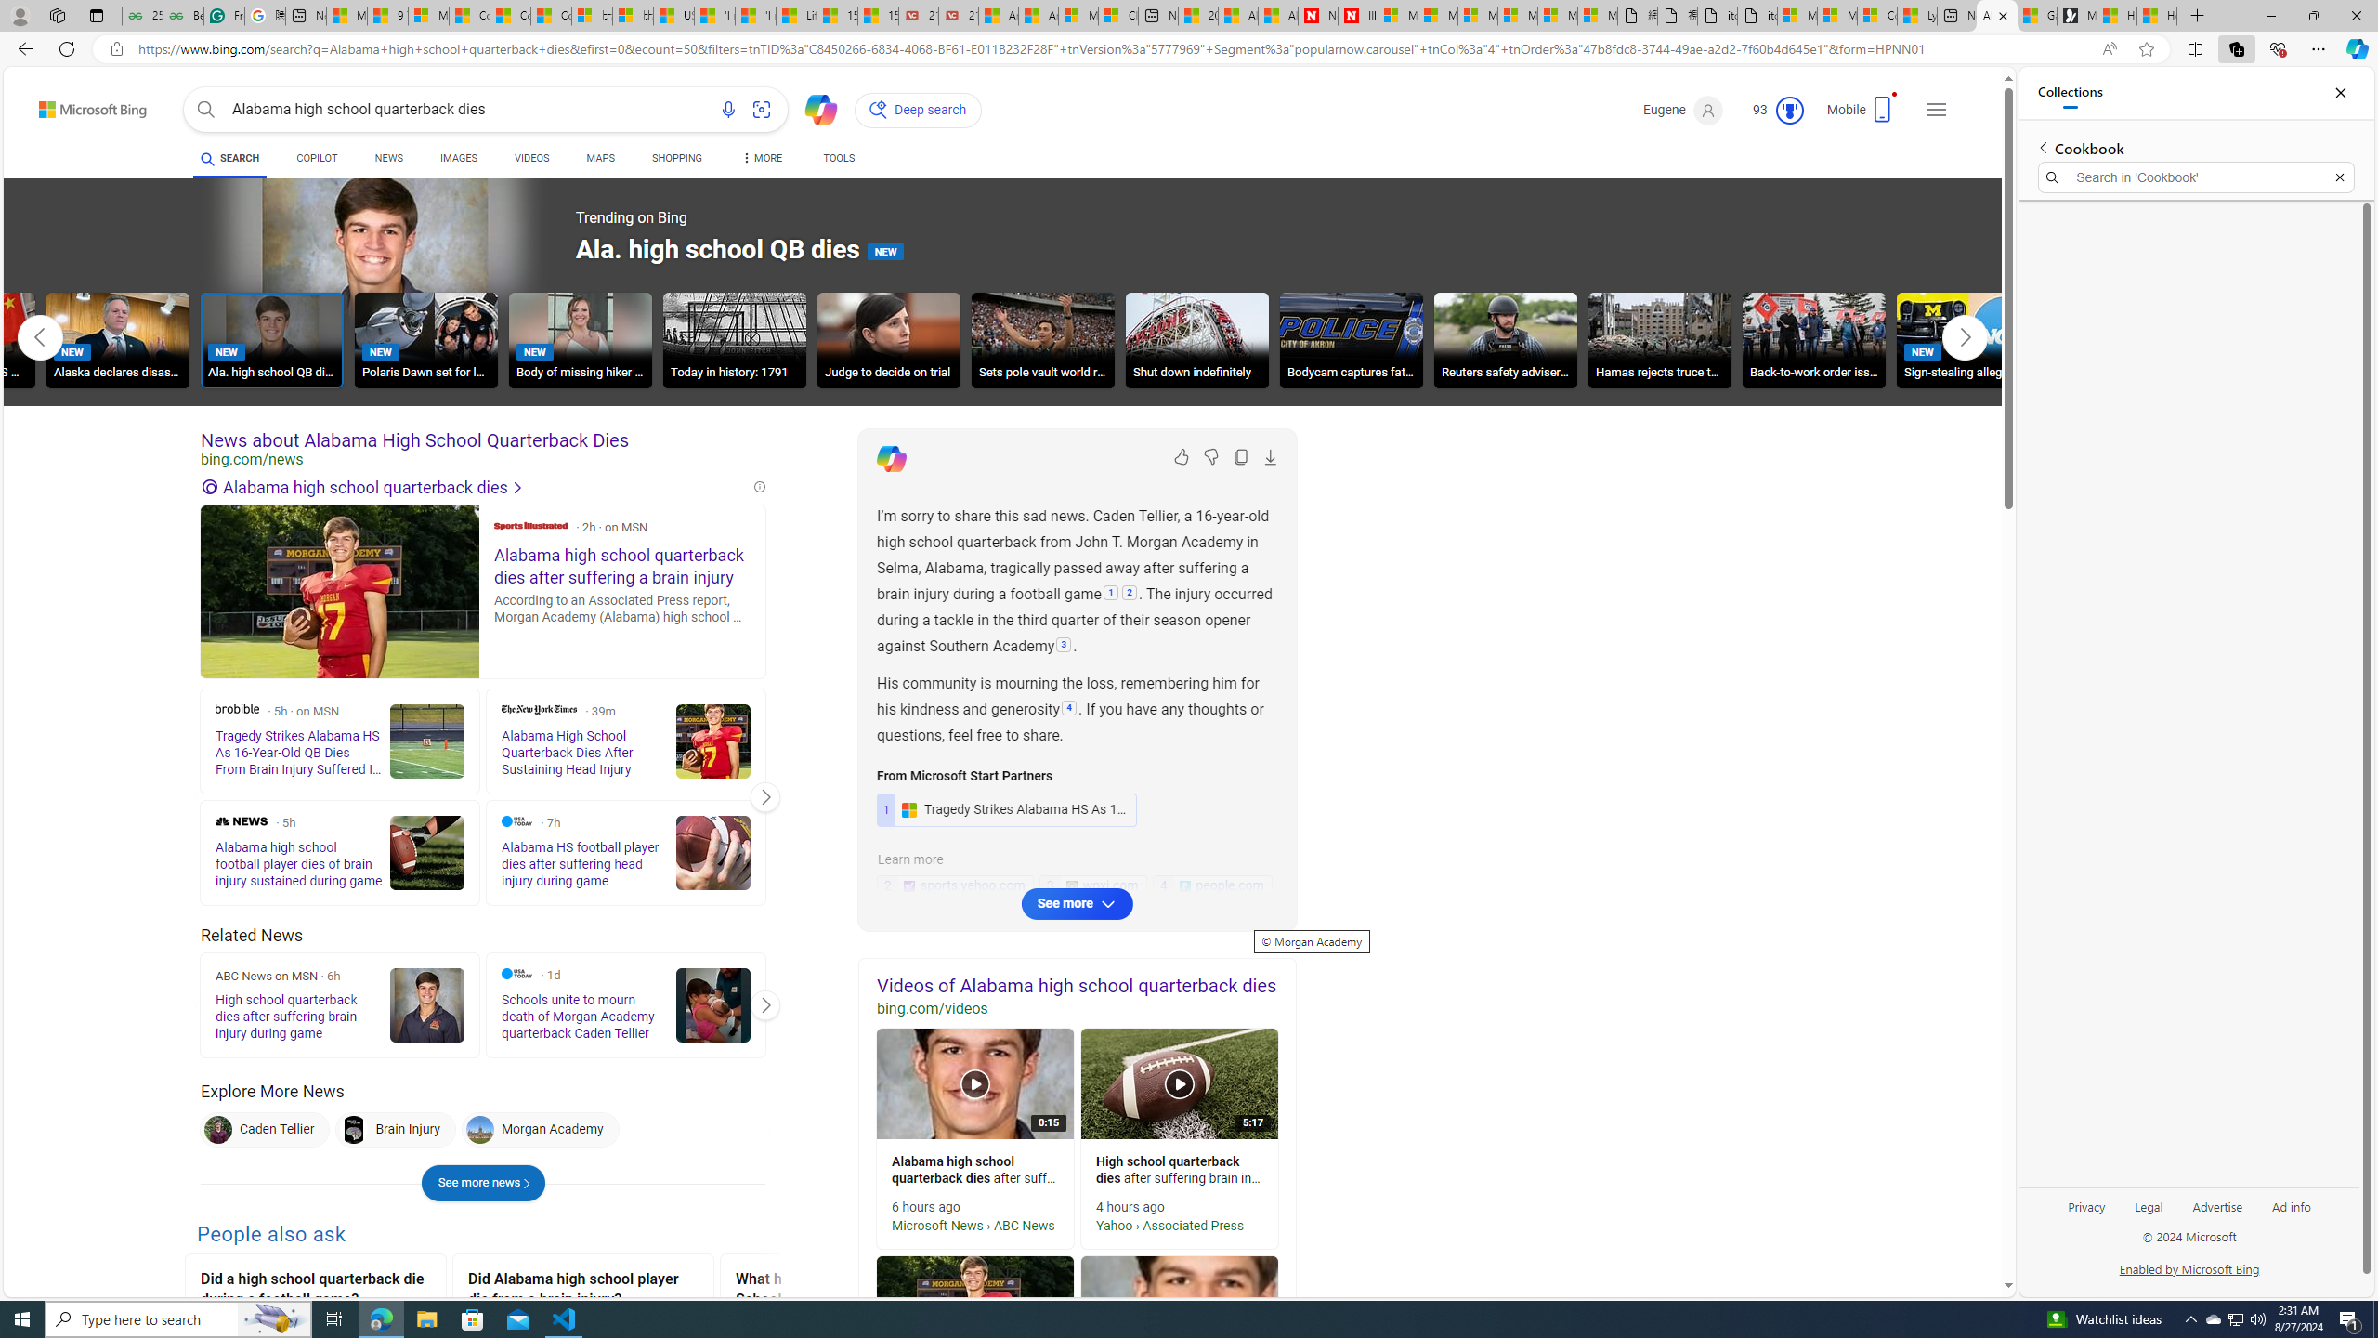  What do you see at coordinates (425, 338) in the screenshot?
I see `'Polaris Dawn set for launch NEW'` at bounding box center [425, 338].